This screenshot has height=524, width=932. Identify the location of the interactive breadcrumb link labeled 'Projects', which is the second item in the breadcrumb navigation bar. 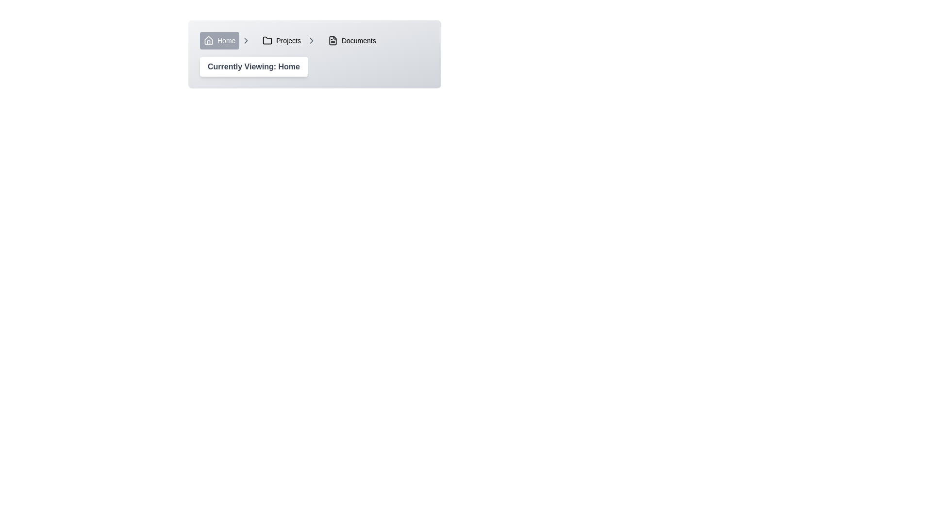
(281, 40).